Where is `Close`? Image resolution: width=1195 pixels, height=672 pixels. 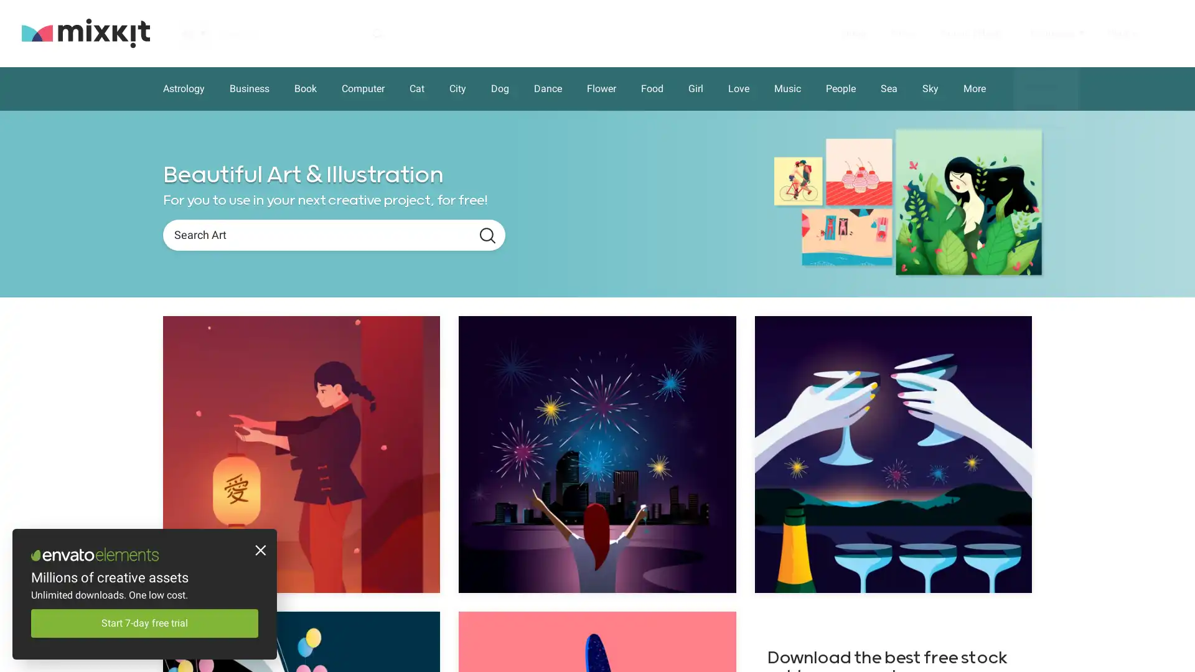 Close is located at coordinates (258, 551).